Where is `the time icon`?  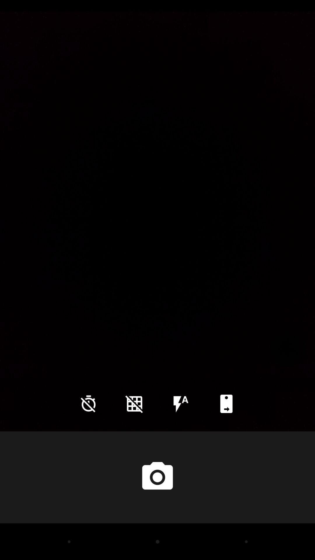
the time icon is located at coordinates (88, 403).